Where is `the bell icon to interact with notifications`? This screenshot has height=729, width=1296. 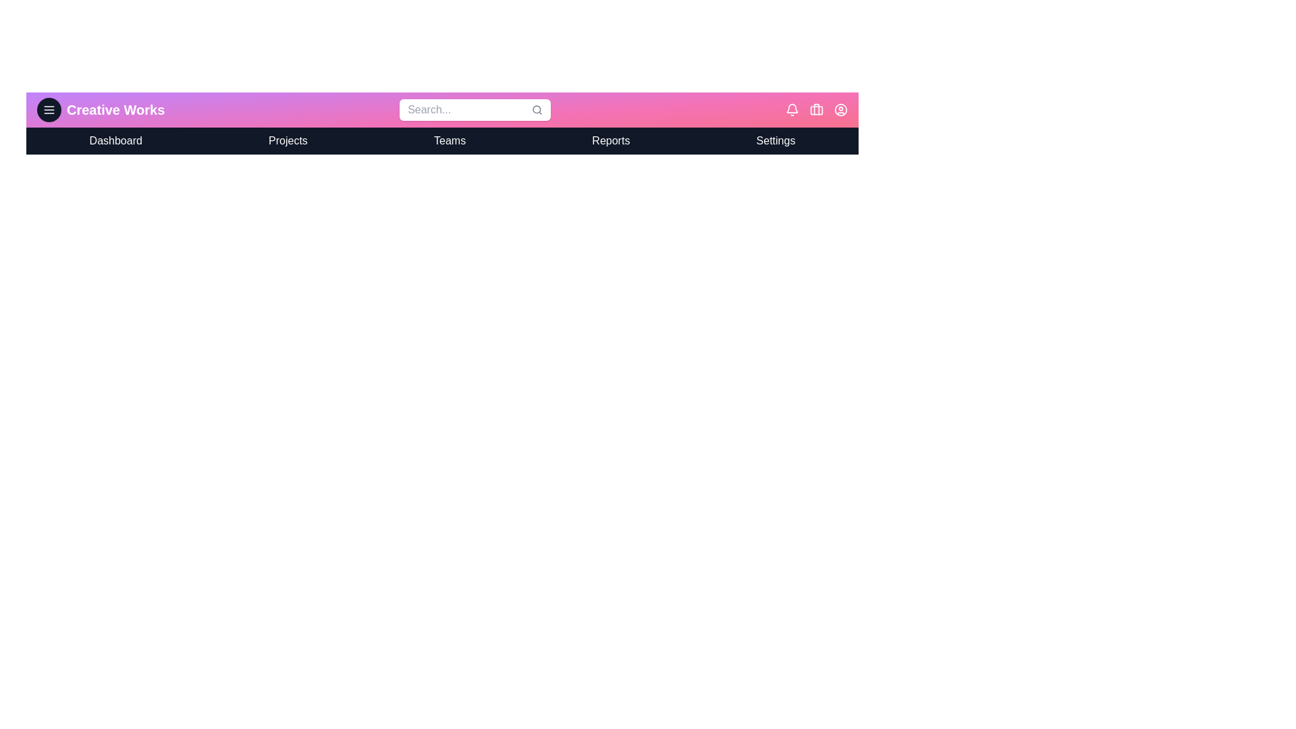 the bell icon to interact with notifications is located at coordinates (792, 109).